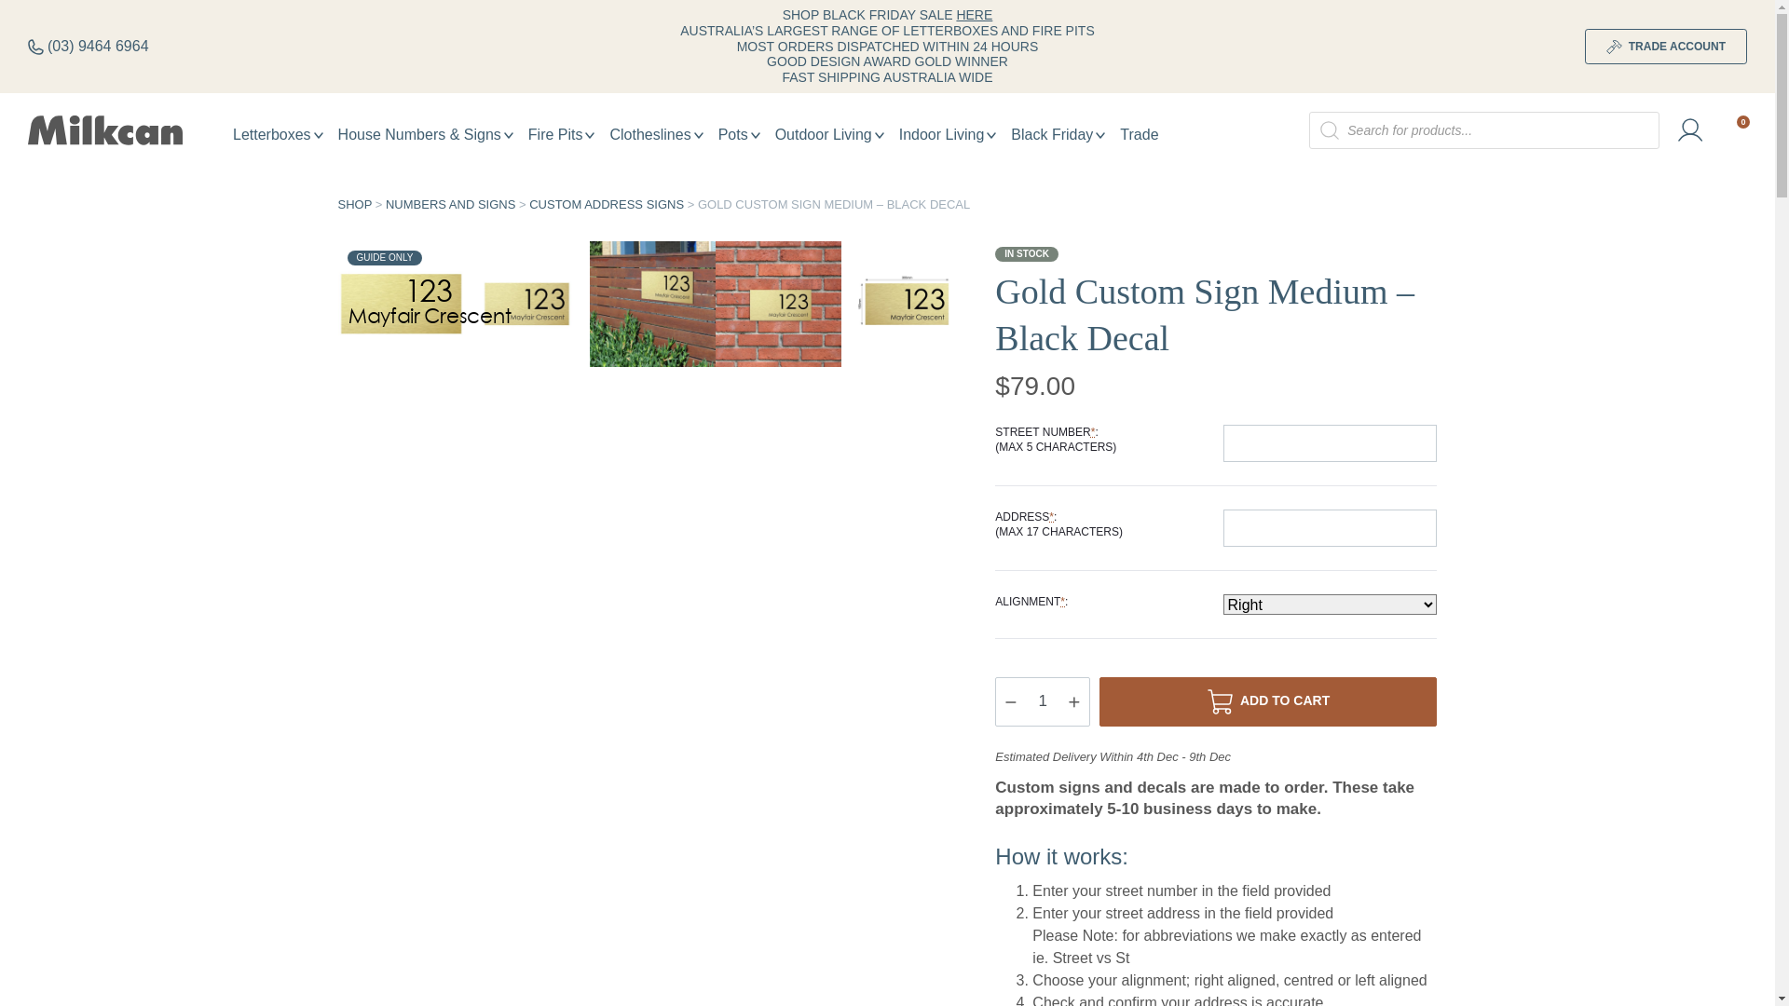 This screenshot has height=1006, width=1789. I want to click on 'HERE', so click(973, 14).